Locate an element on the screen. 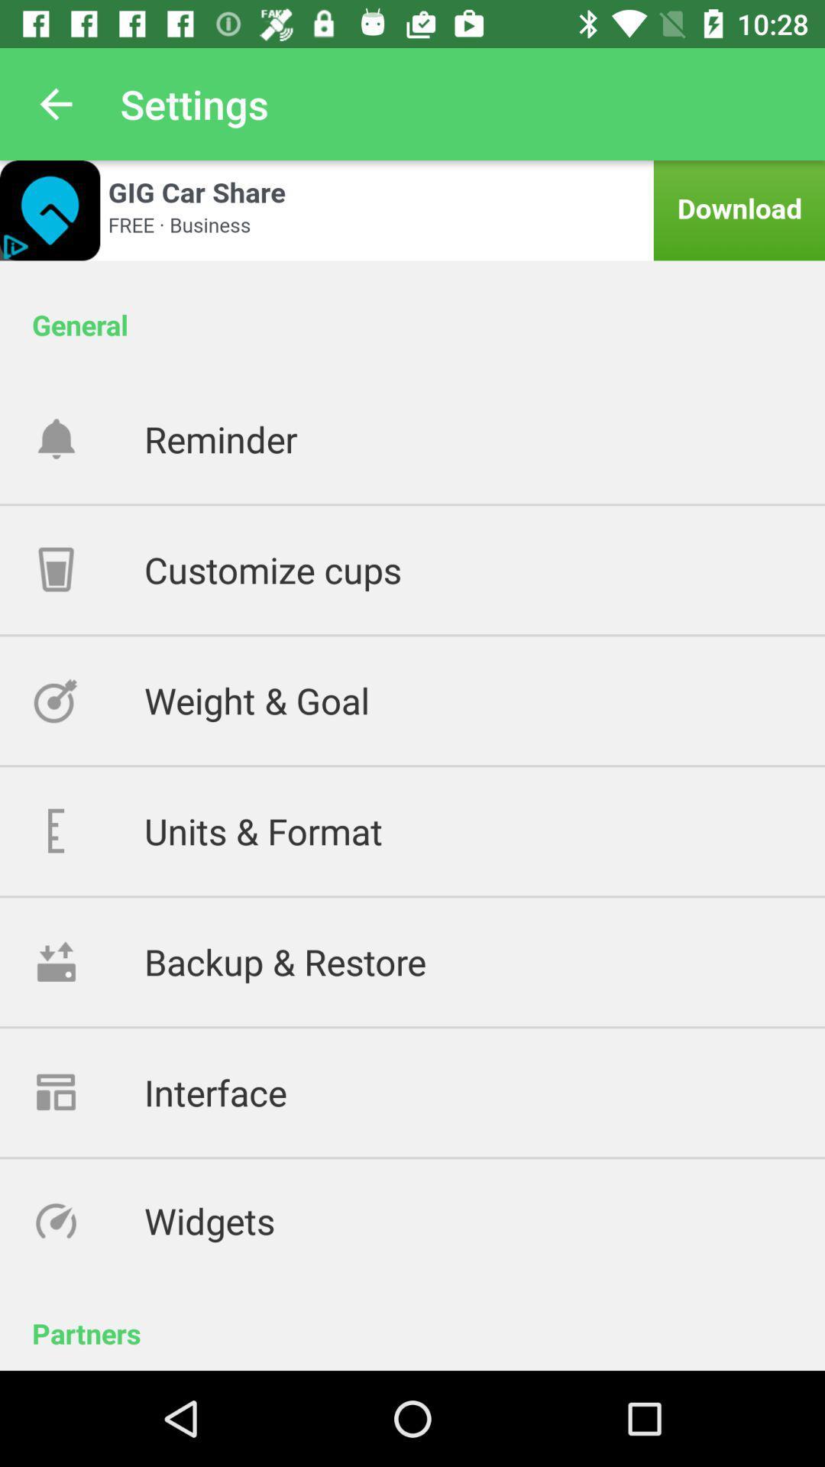 This screenshot has width=825, height=1467. the item above general icon is located at coordinates (412, 209).